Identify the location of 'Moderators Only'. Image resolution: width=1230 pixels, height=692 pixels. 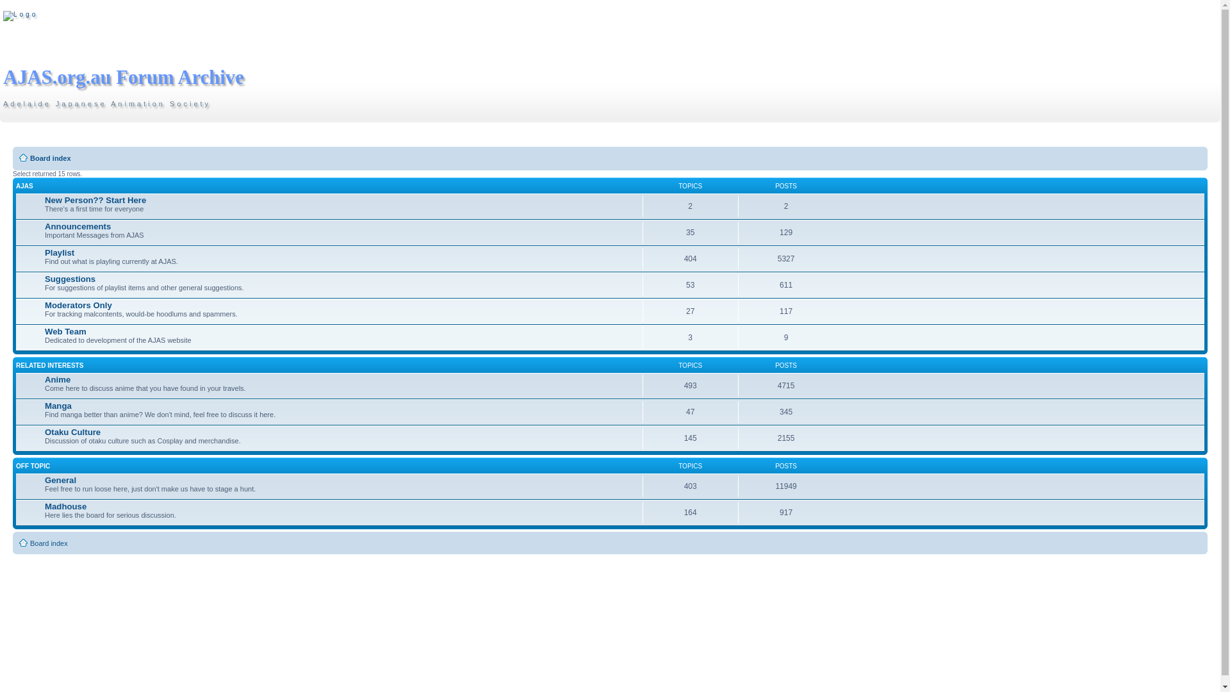
(78, 305).